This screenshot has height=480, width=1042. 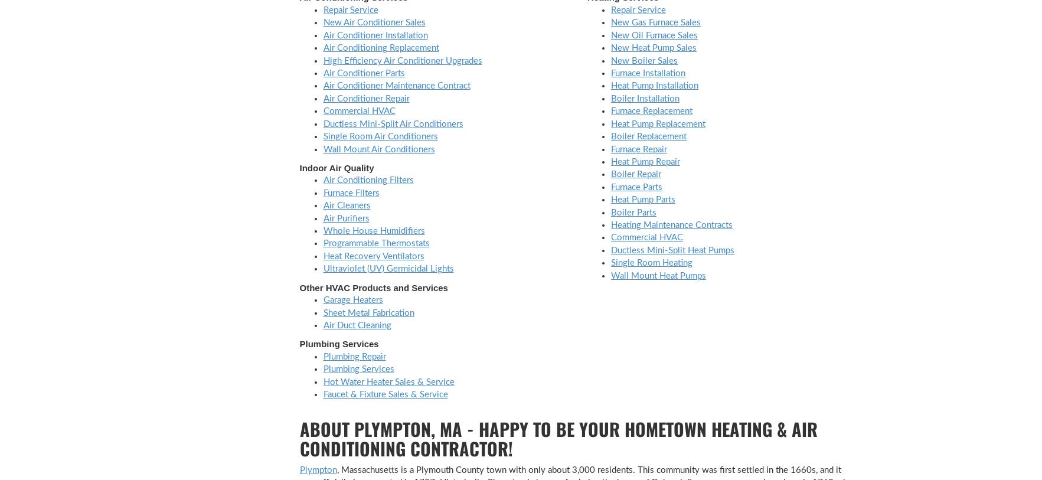 I want to click on 'Programmable Thermostats', so click(x=375, y=243).